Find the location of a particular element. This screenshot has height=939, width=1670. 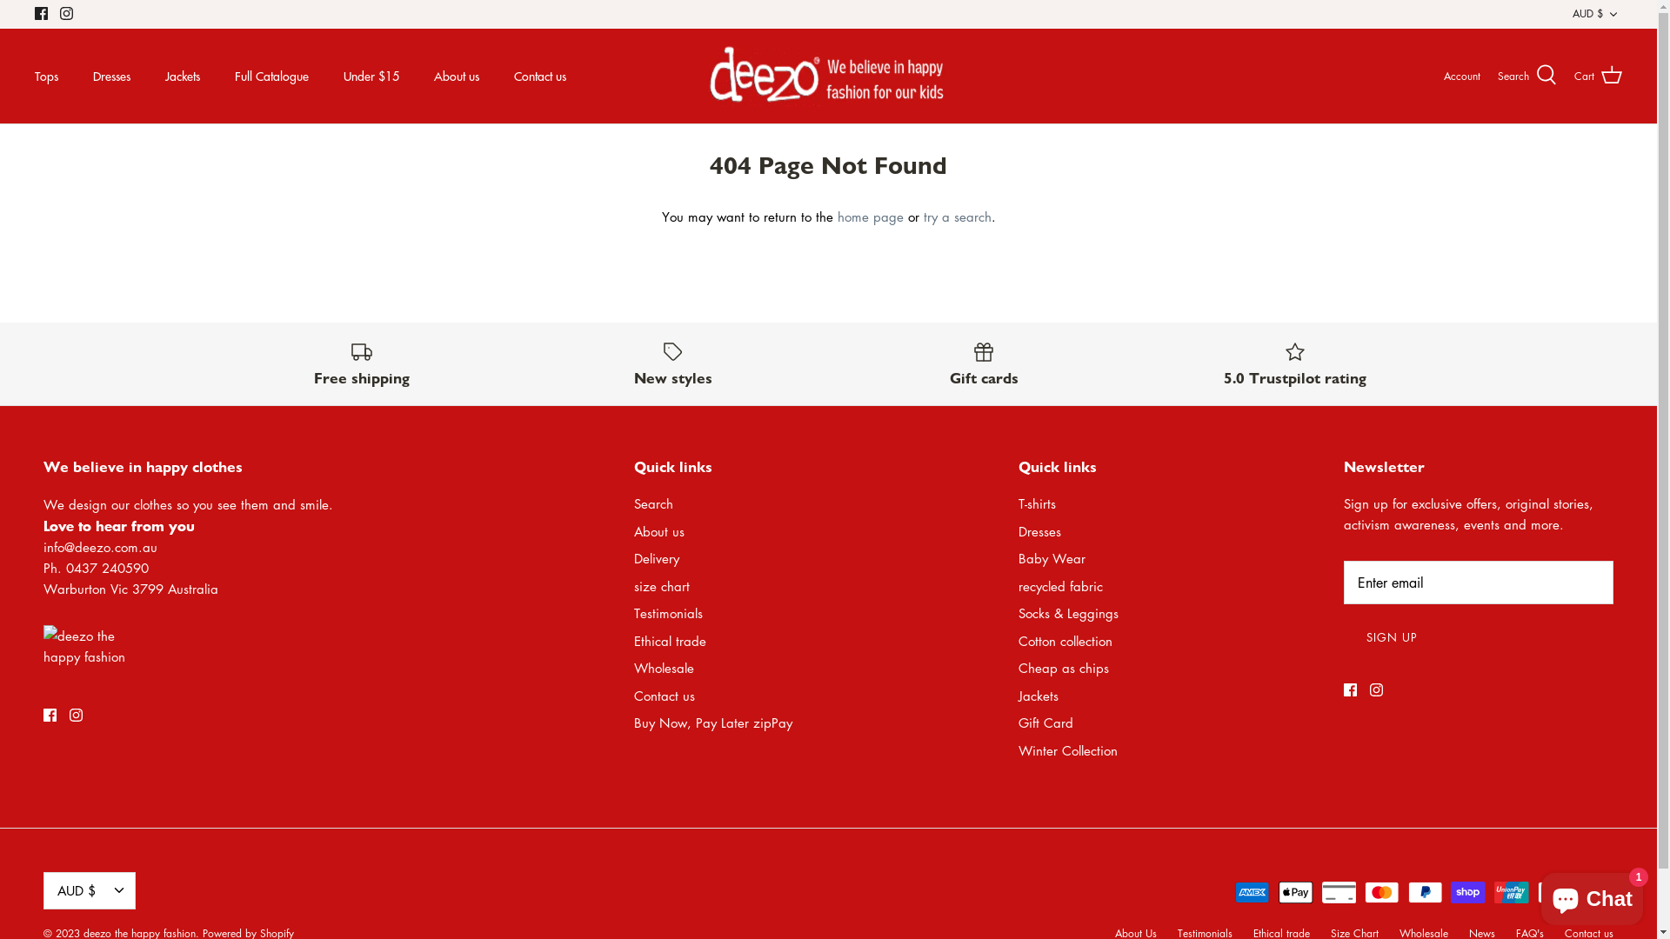

'Account' is located at coordinates (1444, 75).